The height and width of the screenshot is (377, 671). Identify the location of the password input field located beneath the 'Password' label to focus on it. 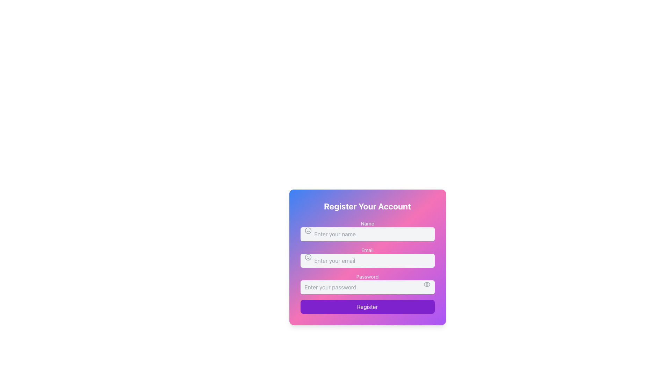
(367, 284).